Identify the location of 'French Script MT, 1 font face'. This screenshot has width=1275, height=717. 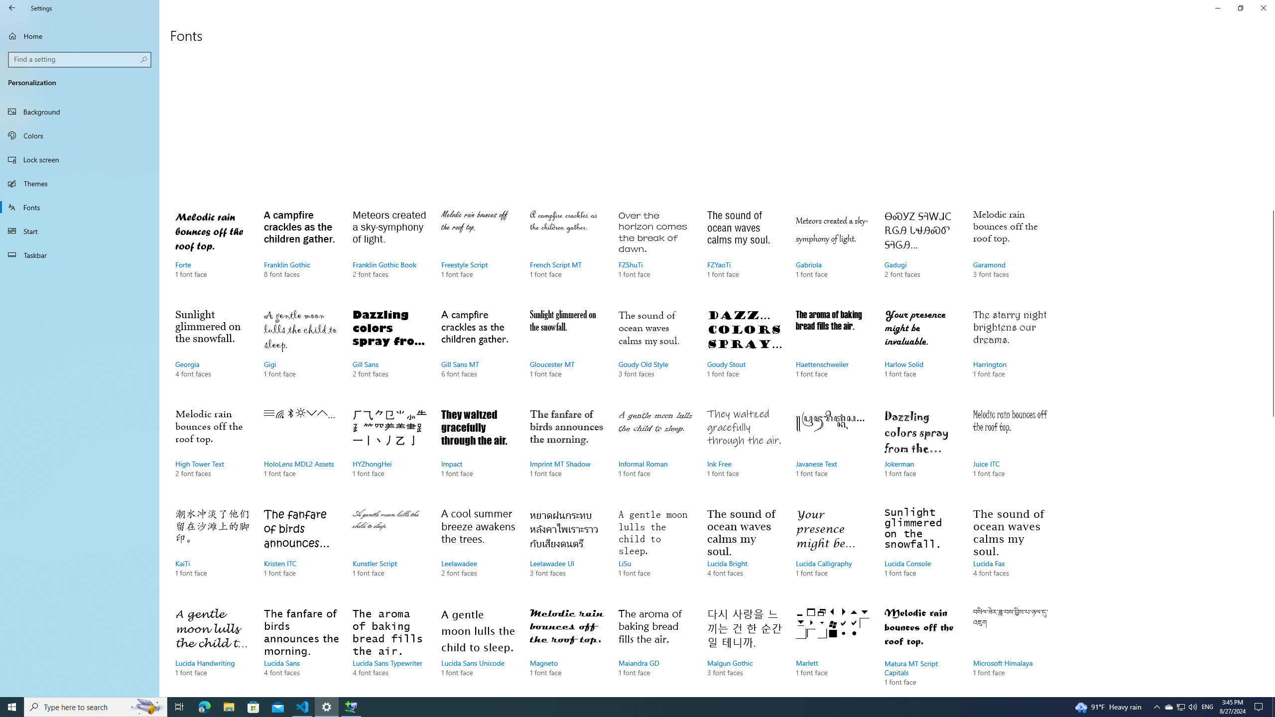
(567, 253).